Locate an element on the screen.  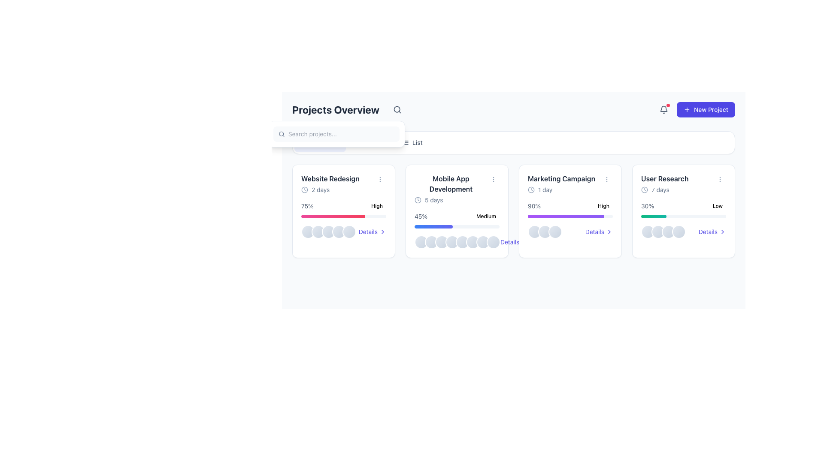
the 6th circular avatar indicator with a slate-colored gradient background and a white border is located at coordinates (473, 242).